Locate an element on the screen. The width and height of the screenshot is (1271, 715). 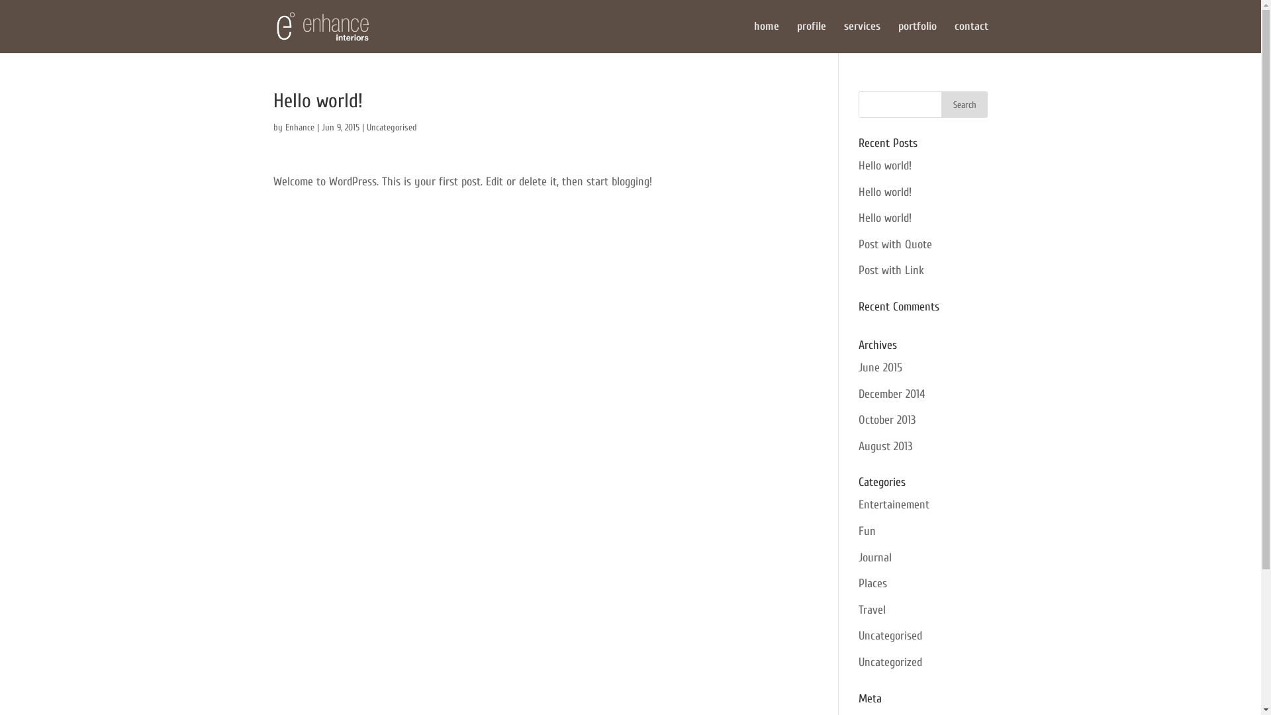
'Fun' is located at coordinates (867, 530).